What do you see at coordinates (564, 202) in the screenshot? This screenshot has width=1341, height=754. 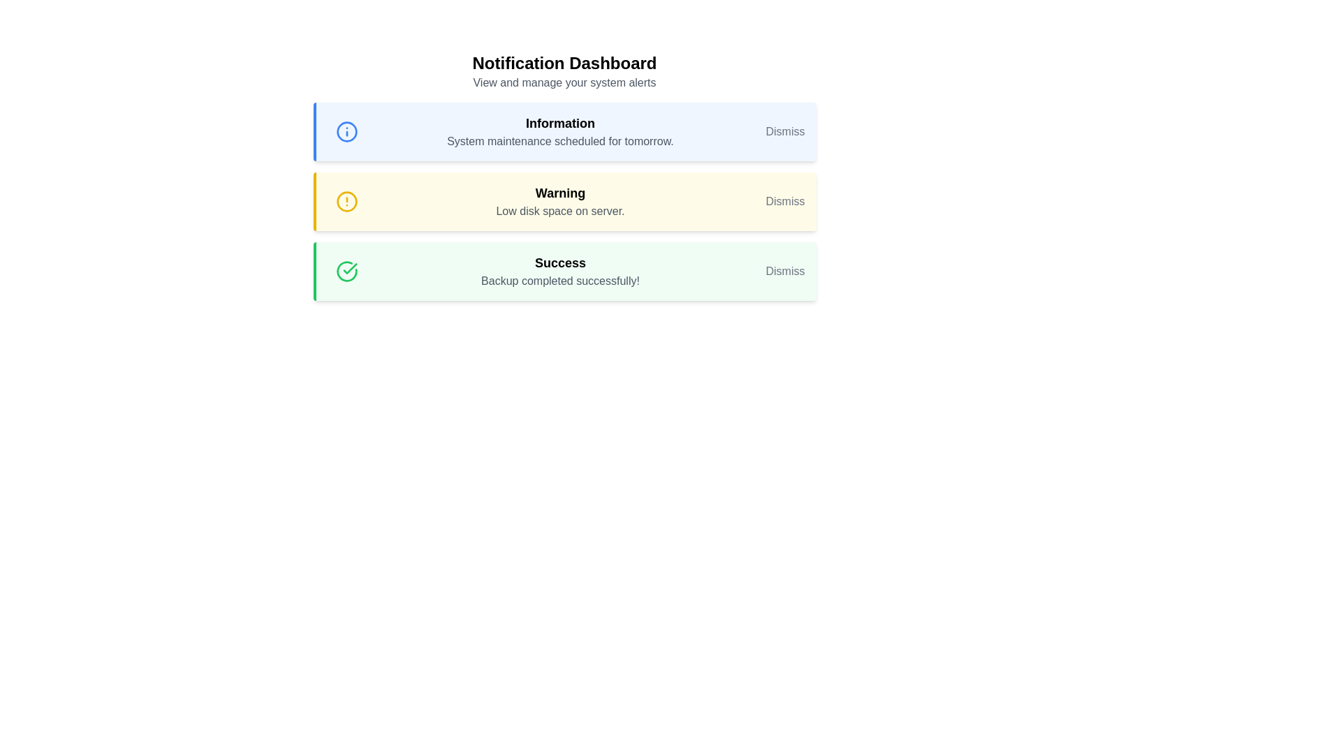 I see `warning message displayed on the Notification card about low disk space, which is the second notification in the vertical list on the Notification Dashboard` at bounding box center [564, 202].